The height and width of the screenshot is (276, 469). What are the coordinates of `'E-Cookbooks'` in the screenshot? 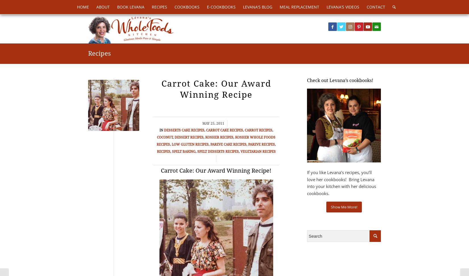 It's located at (206, 7).